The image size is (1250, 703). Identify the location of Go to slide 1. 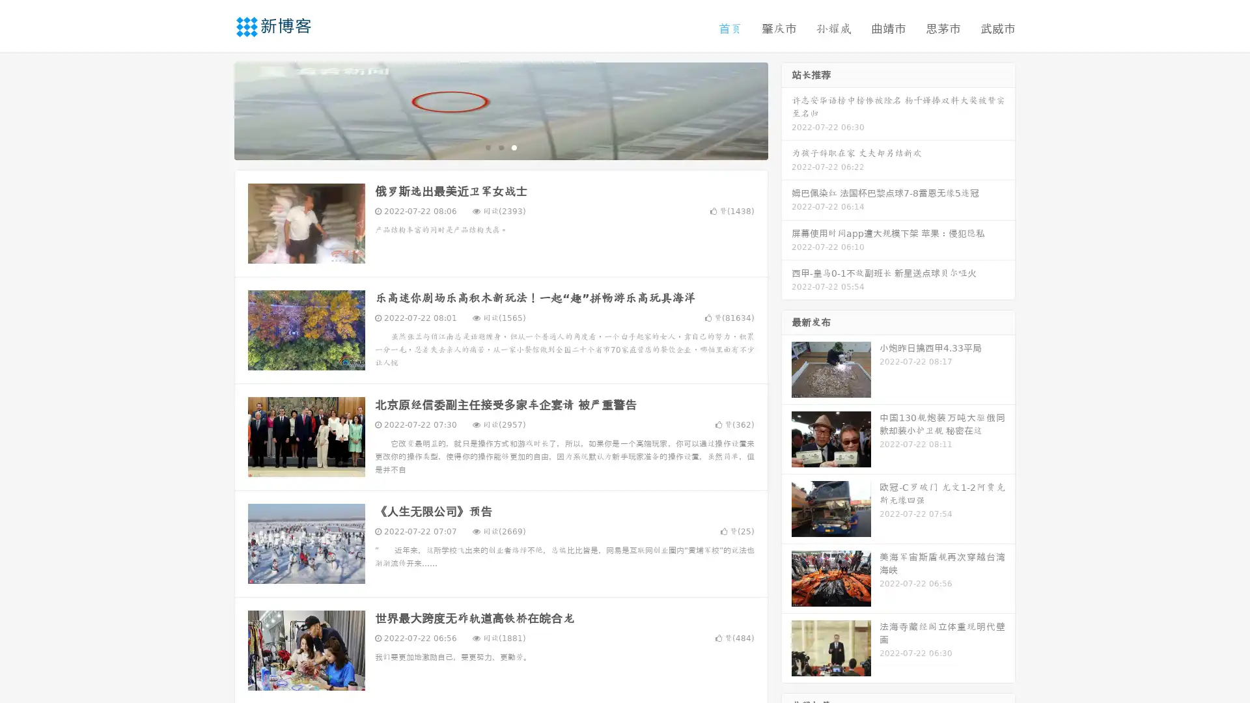
(487, 146).